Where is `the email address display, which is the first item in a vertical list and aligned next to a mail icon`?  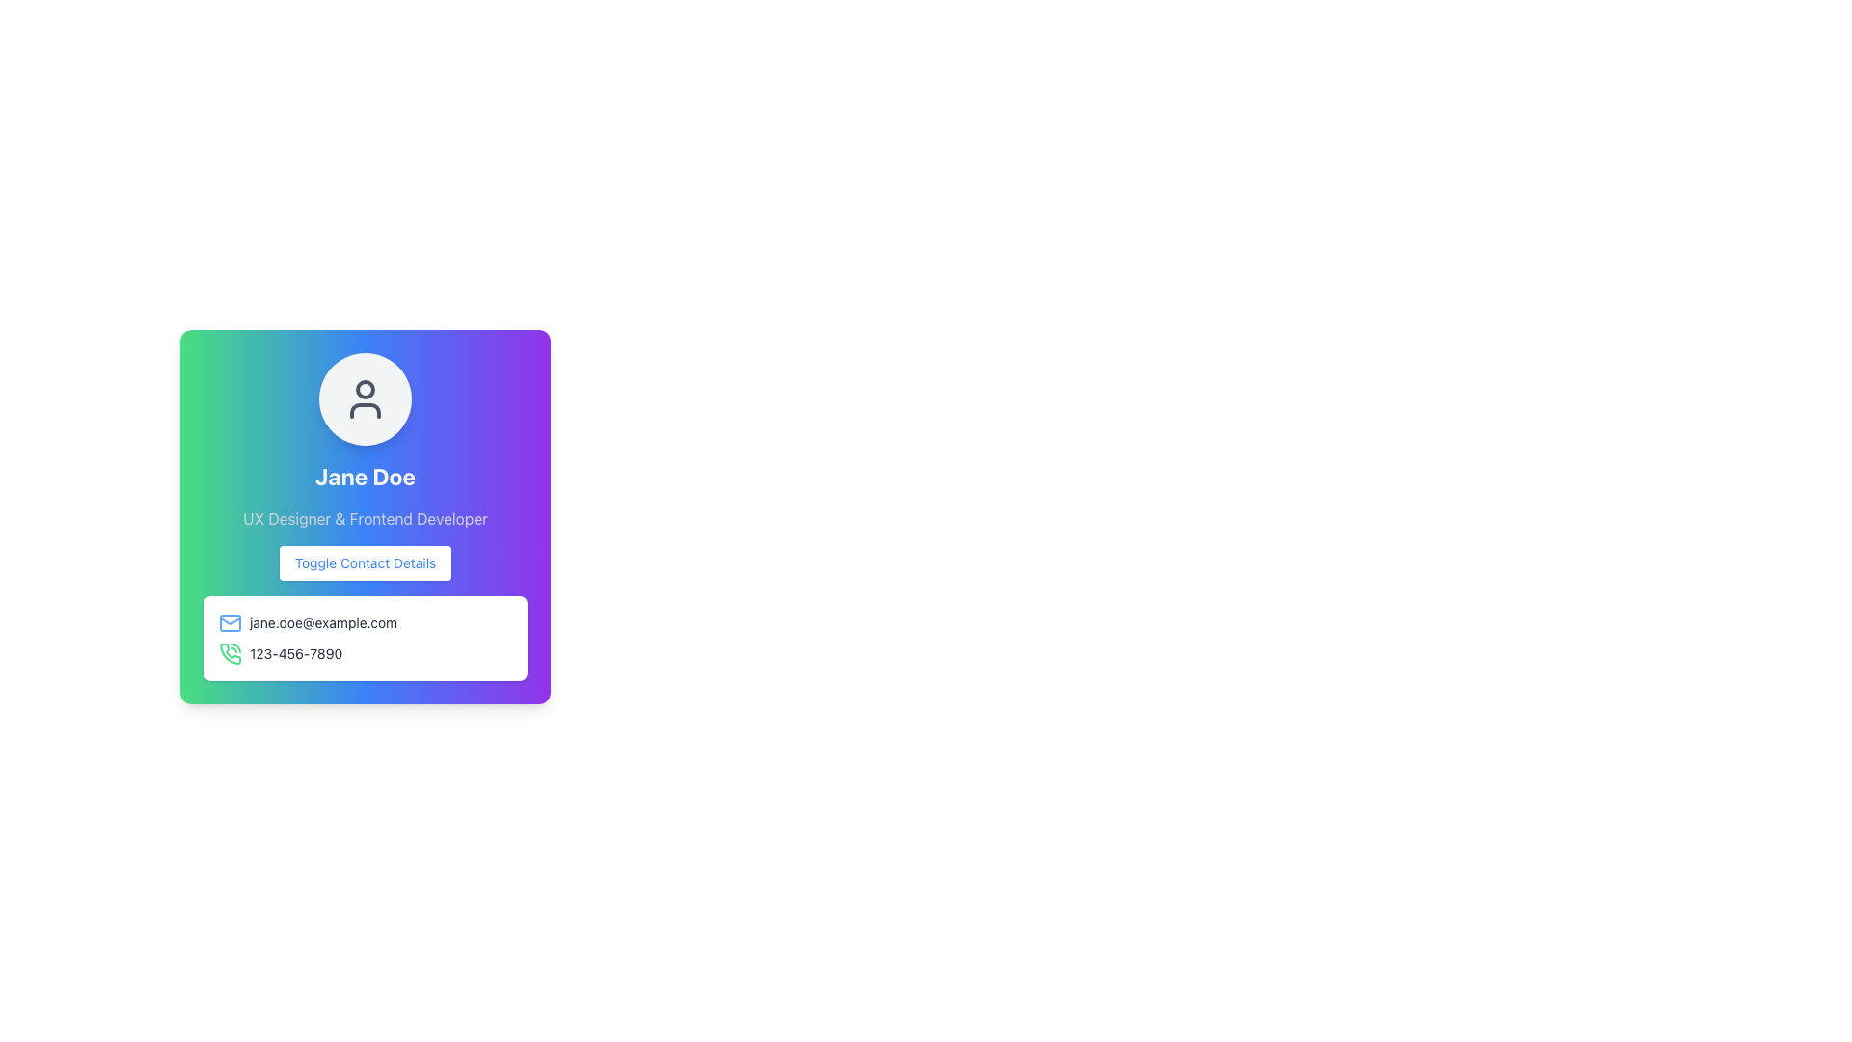
the email address display, which is the first item in a vertical list and aligned next to a mail icon is located at coordinates (366, 622).